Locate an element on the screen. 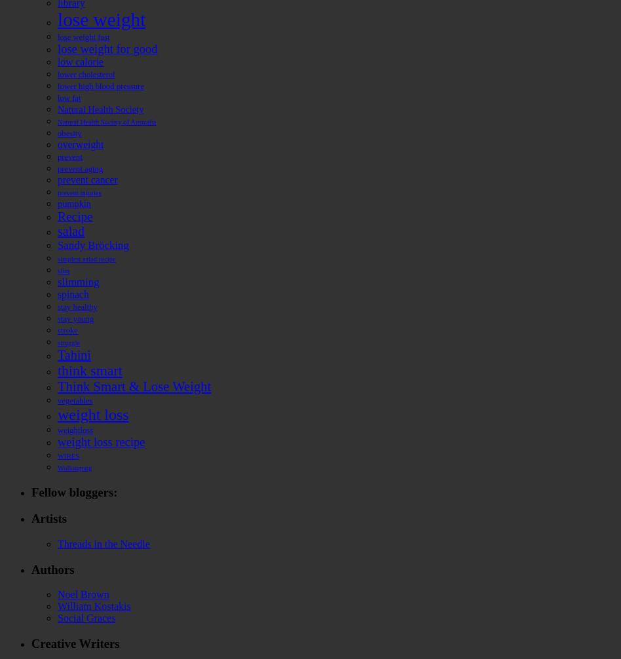  'Social Graces' is located at coordinates (57, 617).